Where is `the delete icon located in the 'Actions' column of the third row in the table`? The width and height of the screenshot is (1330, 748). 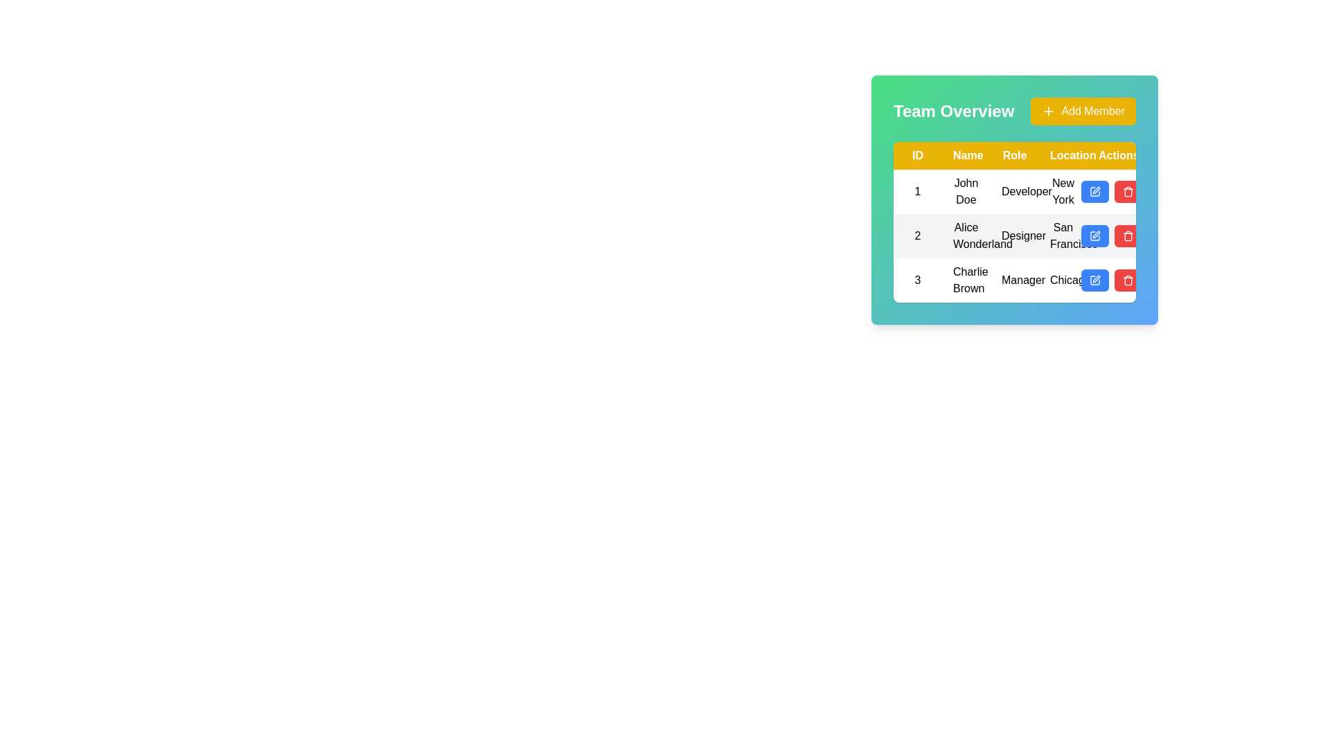
the delete icon located in the 'Actions' column of the third row in the table is located at coordinates (1128, 280).